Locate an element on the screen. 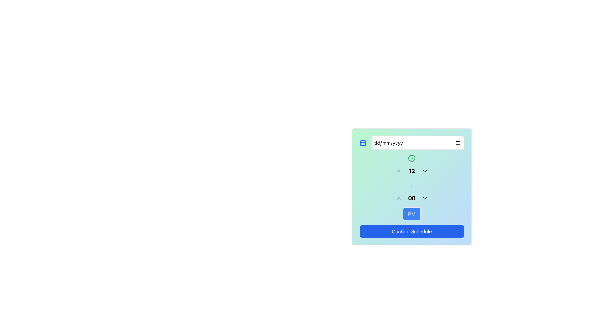  the text element that visually separates the hour and minute values in the time selection interface, located between '12' above and '00' below is located at coordinates (412, 184).